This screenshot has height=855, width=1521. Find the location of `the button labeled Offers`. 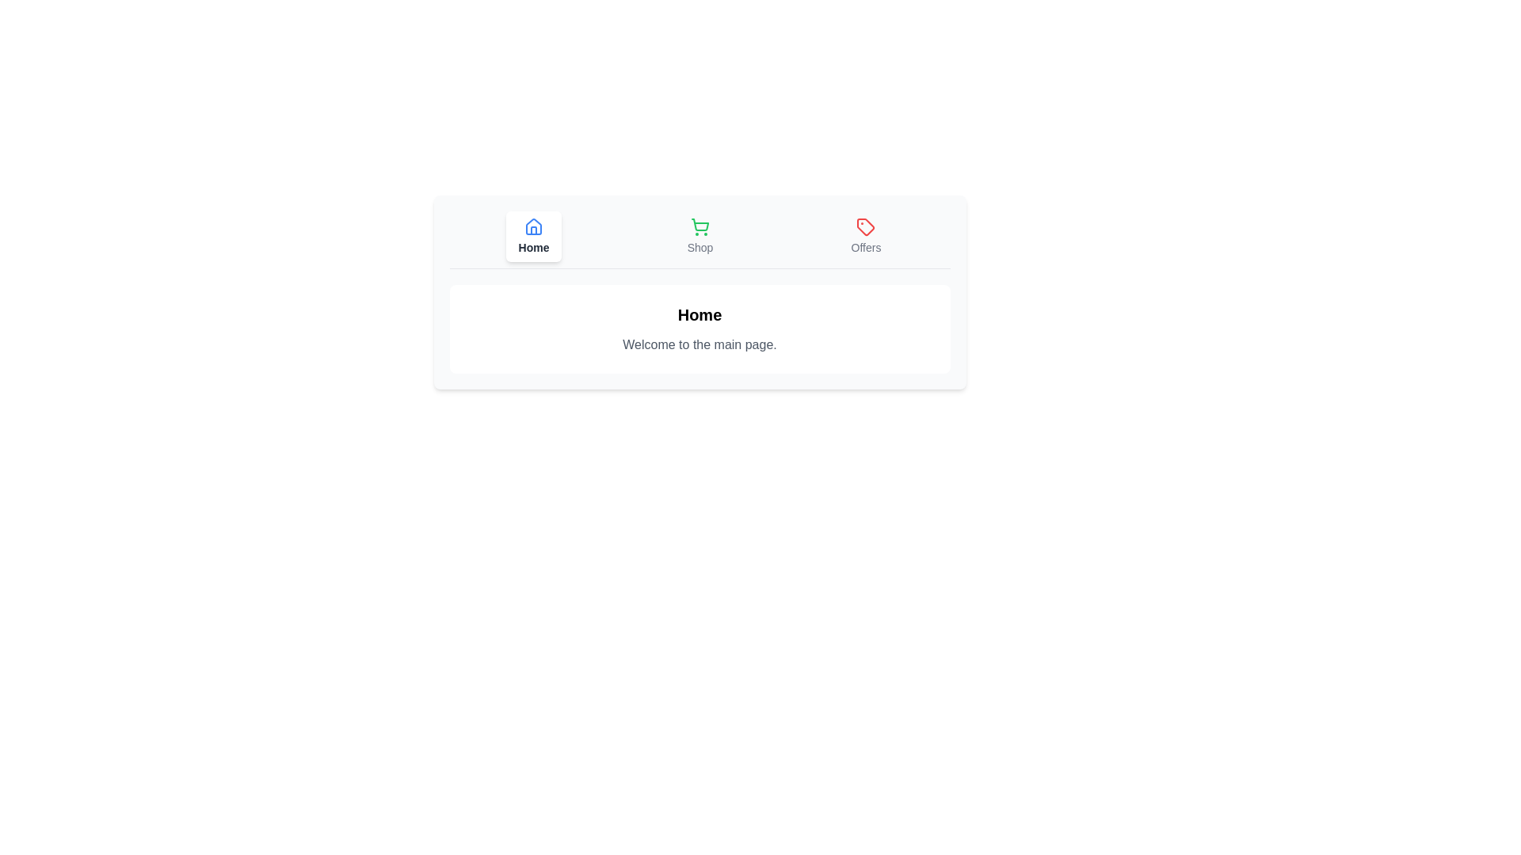

the button labeled Offers is located at coordinates (865, 237).